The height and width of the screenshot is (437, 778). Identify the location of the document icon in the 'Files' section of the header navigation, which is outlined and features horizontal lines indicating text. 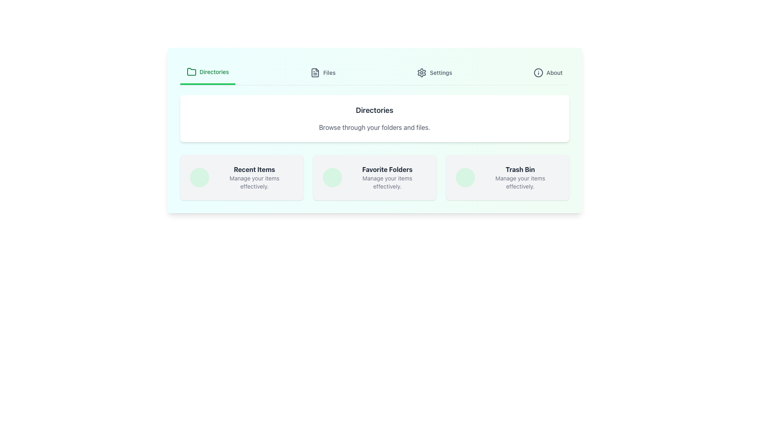
(314, 73).